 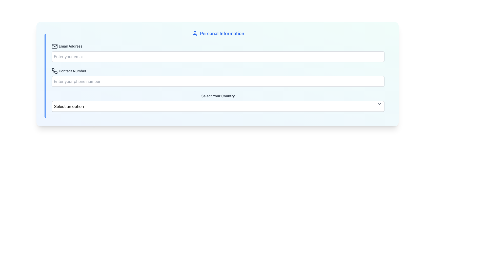 What do you see at coordinates (55, 46) in the screenshot?
I see `the decorative envelope icon indicating the email input field, located next to the label 'Email Address'` at bounding box center [55, 46].